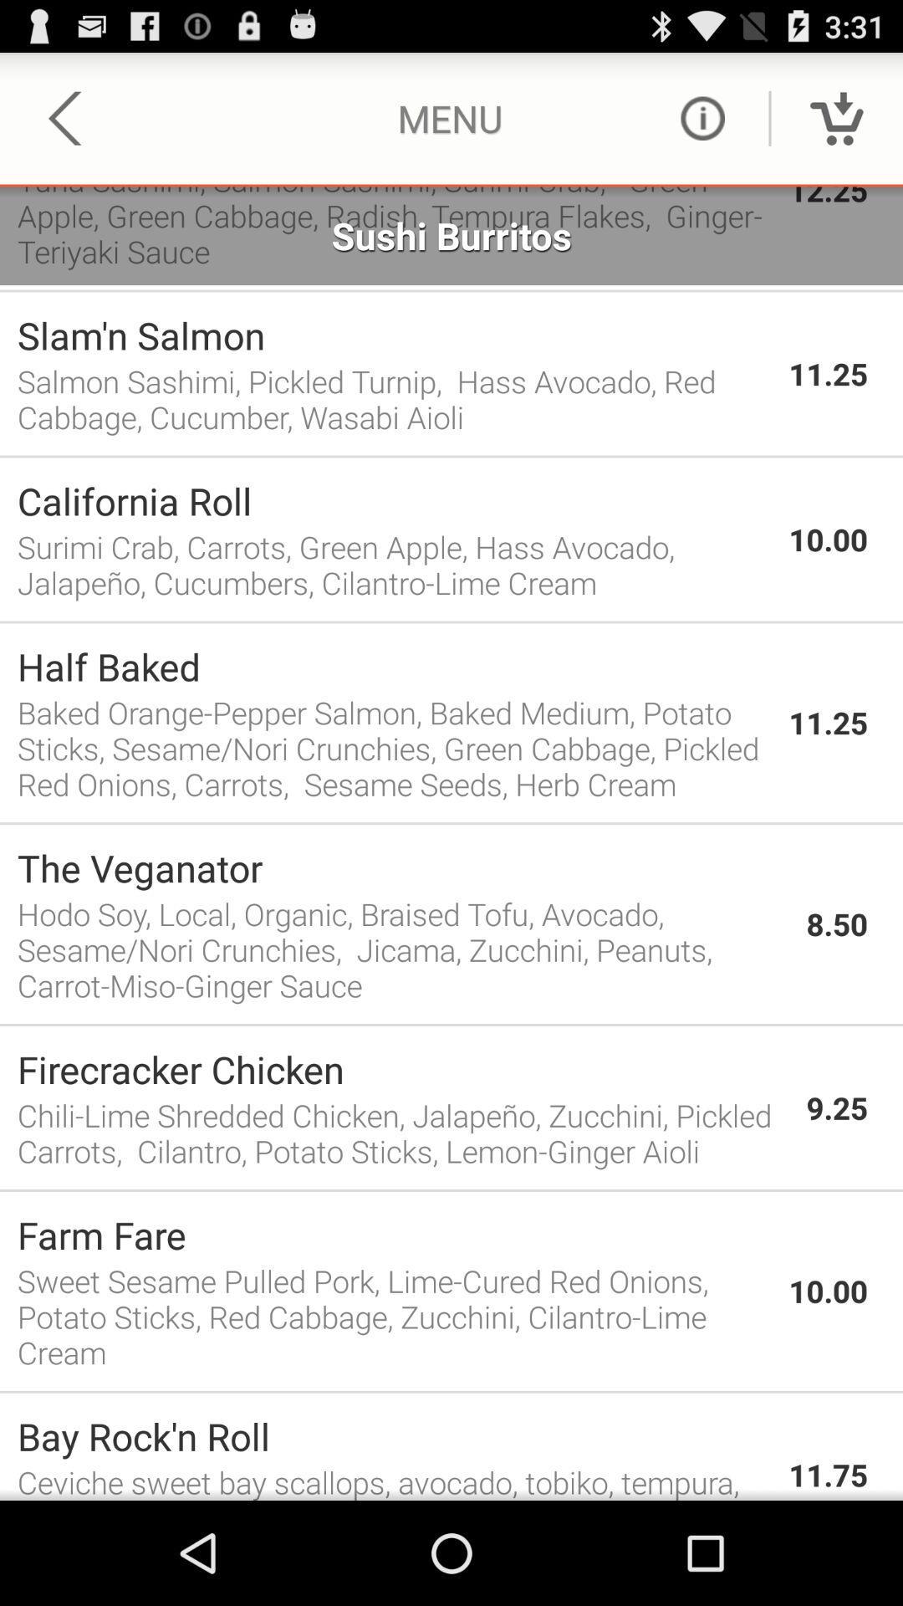  I want to click on the 8.50 app, so click(837, 923).